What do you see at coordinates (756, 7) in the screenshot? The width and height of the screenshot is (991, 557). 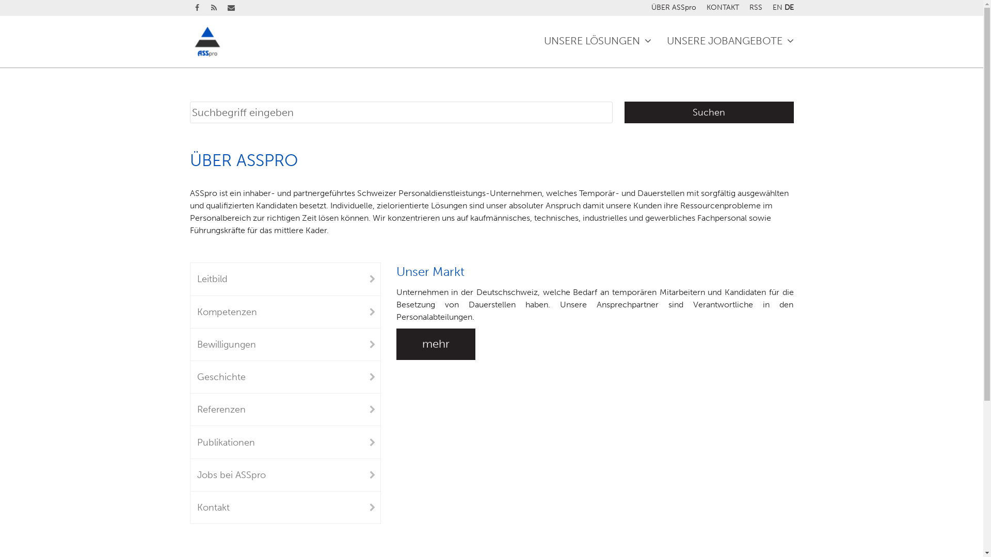 I see `'RSS'` at bounding box center [756, 7].